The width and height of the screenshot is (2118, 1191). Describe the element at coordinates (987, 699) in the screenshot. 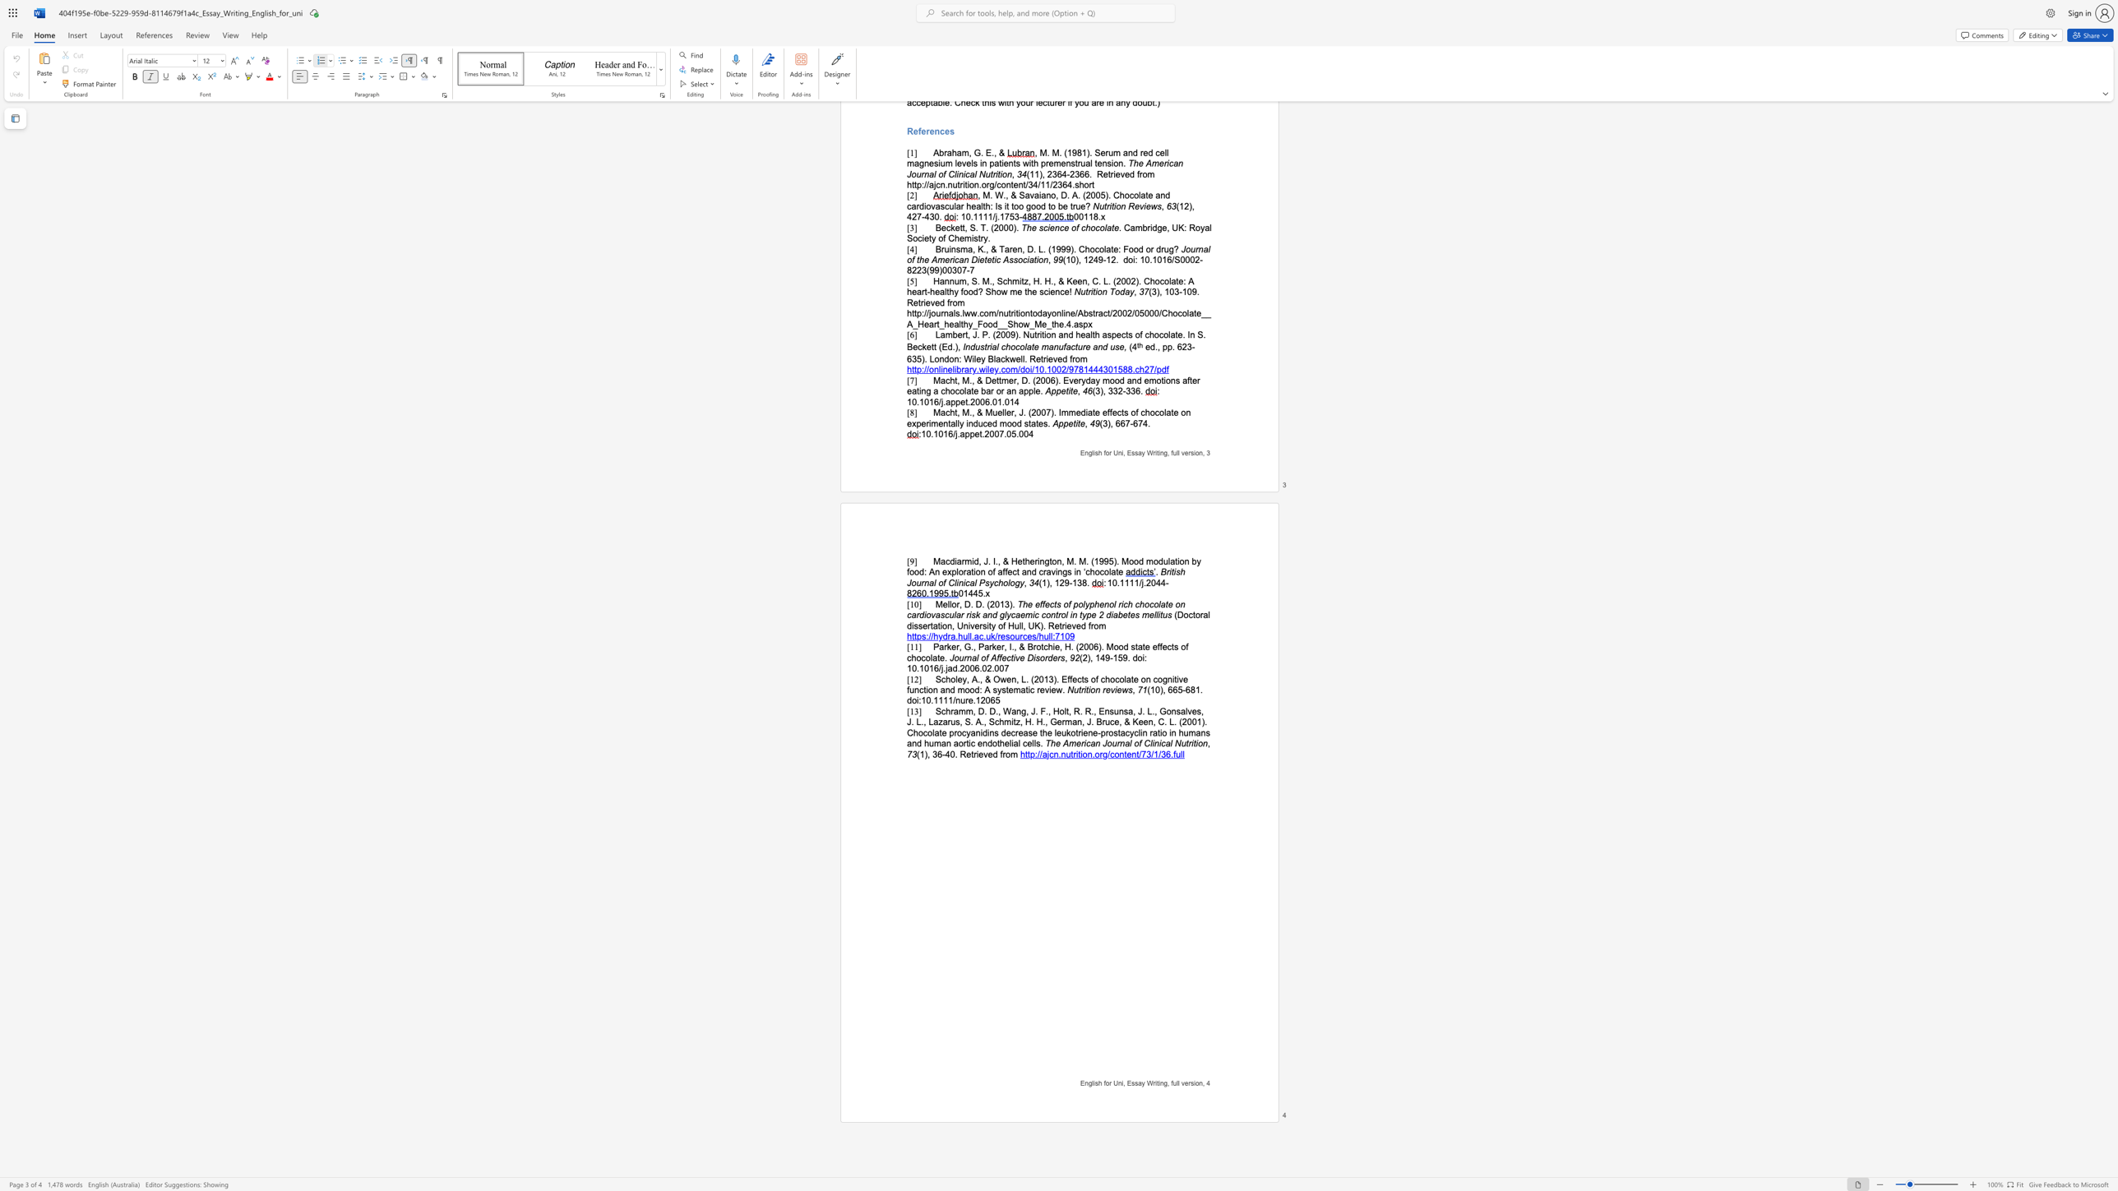

I see `the 3th character "0" in the text` at that location.